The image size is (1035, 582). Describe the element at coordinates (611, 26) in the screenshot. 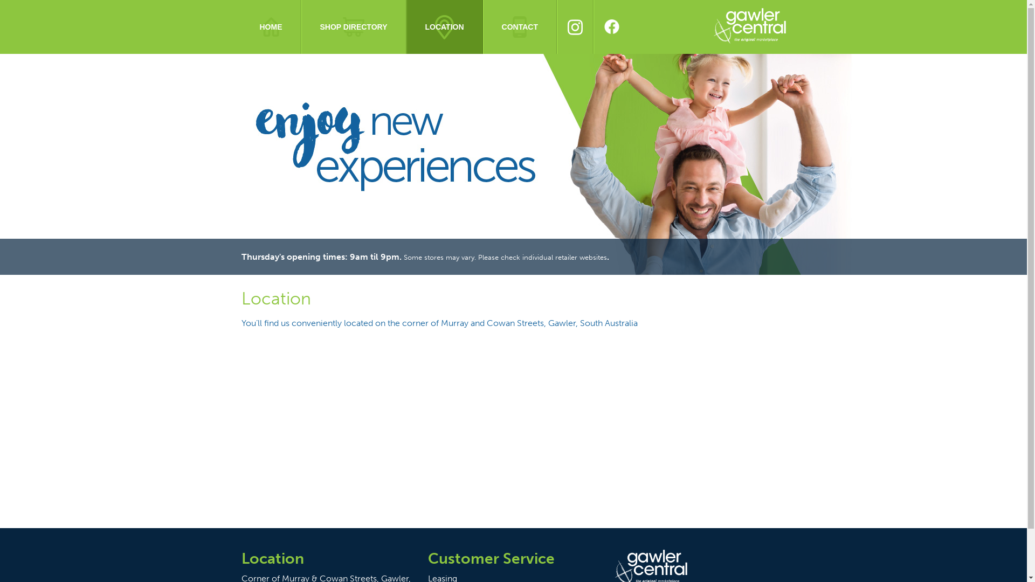

I see `'FACEBOOK'` at that location.